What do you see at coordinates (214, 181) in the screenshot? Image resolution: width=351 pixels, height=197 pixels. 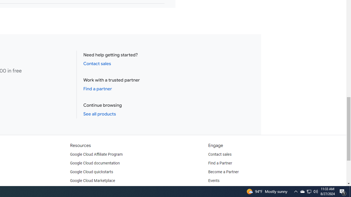 I see `'Events'` at bounding box center [214, 181].